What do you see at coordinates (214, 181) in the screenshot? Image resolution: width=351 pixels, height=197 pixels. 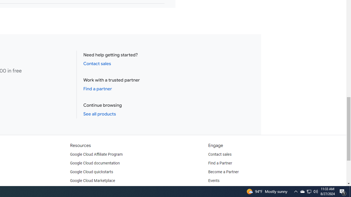 I see `'Events'` at bounding box center [214, 181].